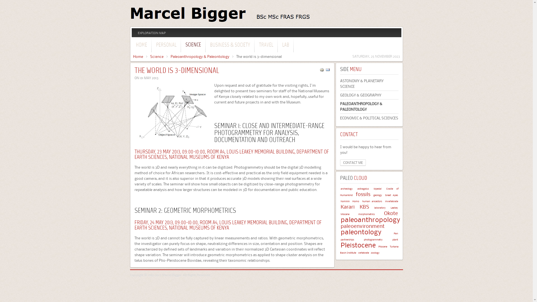 Image resolution: width=537 pixels, height=302 pixels. Describe the element at coordinates (361, 232) in the screenshot. I see `'paleontology'` at that location.